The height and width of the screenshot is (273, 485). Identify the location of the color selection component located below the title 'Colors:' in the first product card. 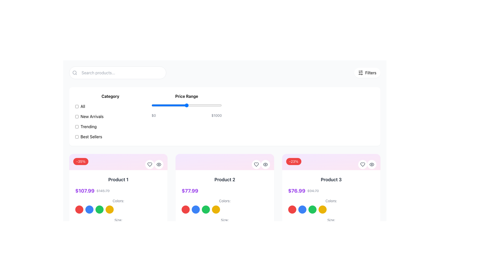
(118, 210).